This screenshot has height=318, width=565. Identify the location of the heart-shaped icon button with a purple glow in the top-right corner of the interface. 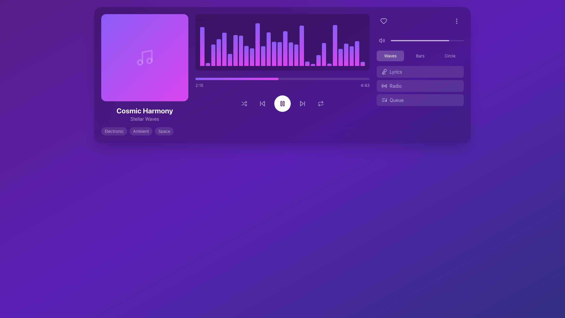
(384, 21).